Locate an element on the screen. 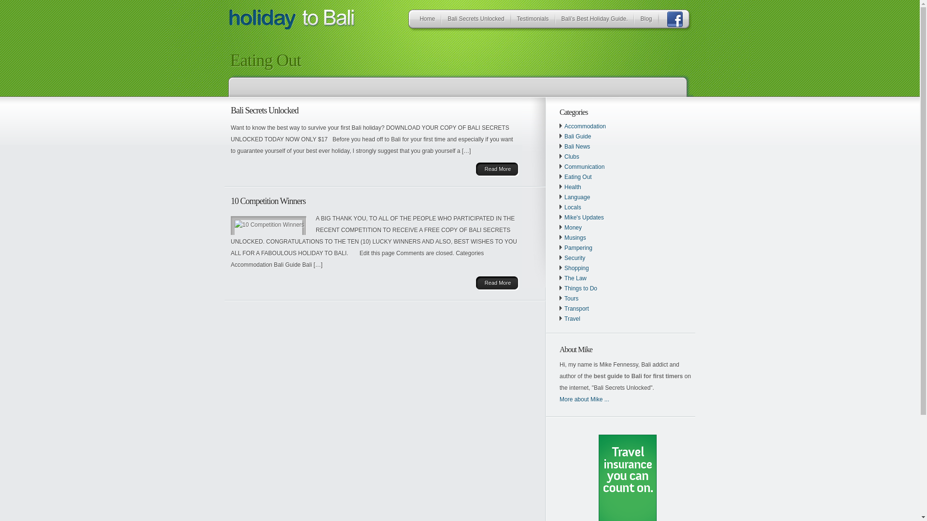 The width and height of the screenshot is (927, 521). 'More about Mike ...' is located at coordinates (584, 399).